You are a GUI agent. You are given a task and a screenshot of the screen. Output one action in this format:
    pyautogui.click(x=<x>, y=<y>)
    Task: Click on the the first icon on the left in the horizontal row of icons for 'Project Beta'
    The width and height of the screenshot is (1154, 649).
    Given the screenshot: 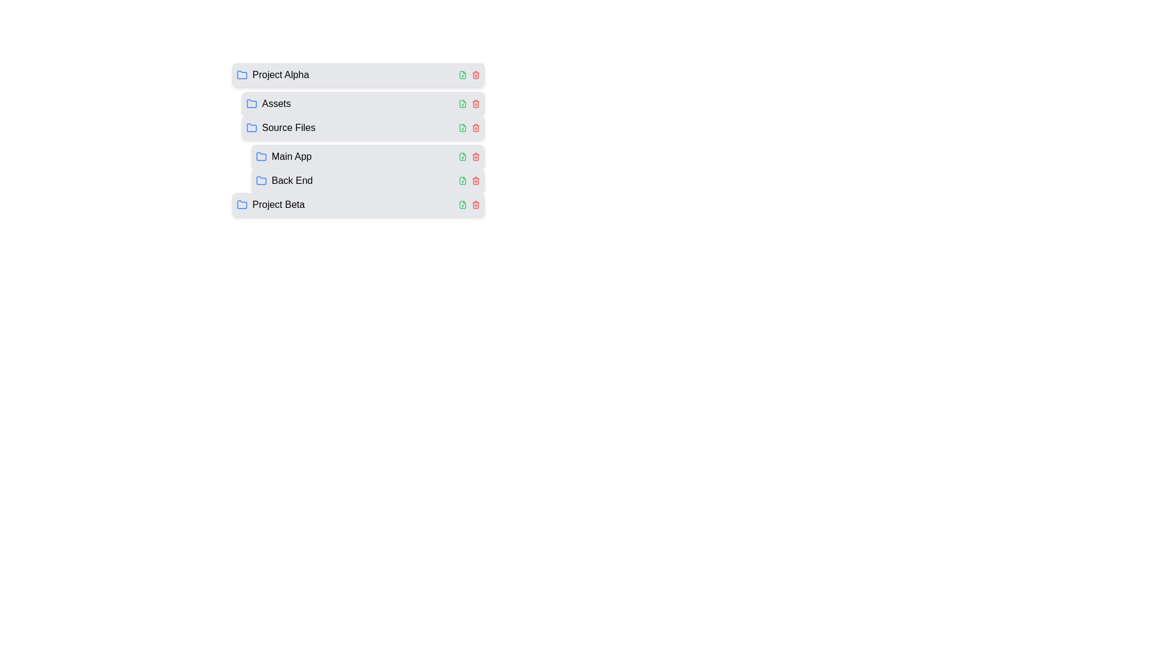 What is the action you would take?
    pyautogui.click(x=462, y=204)
    